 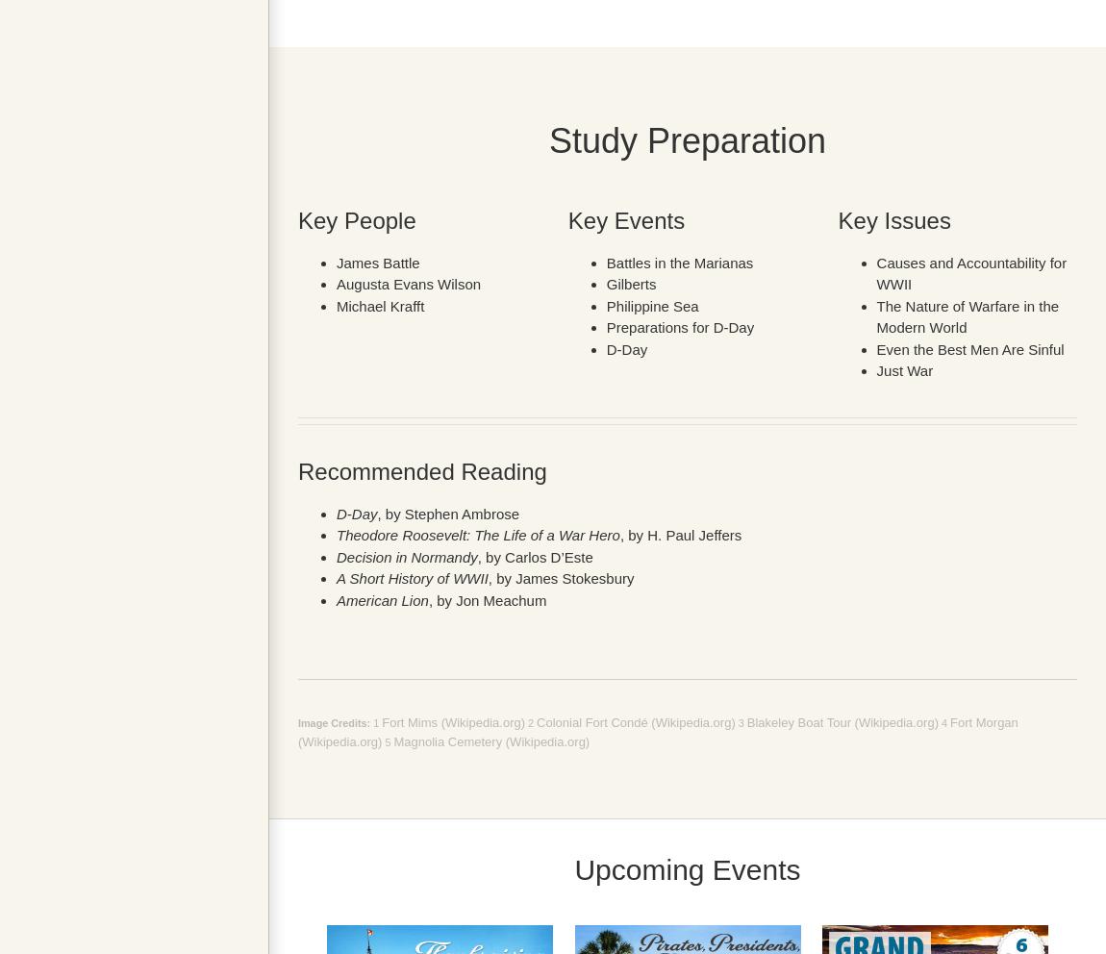 I want to click on 'Magnolia Cemetery (Wikipedia.org)', so click(x=490, y=740).